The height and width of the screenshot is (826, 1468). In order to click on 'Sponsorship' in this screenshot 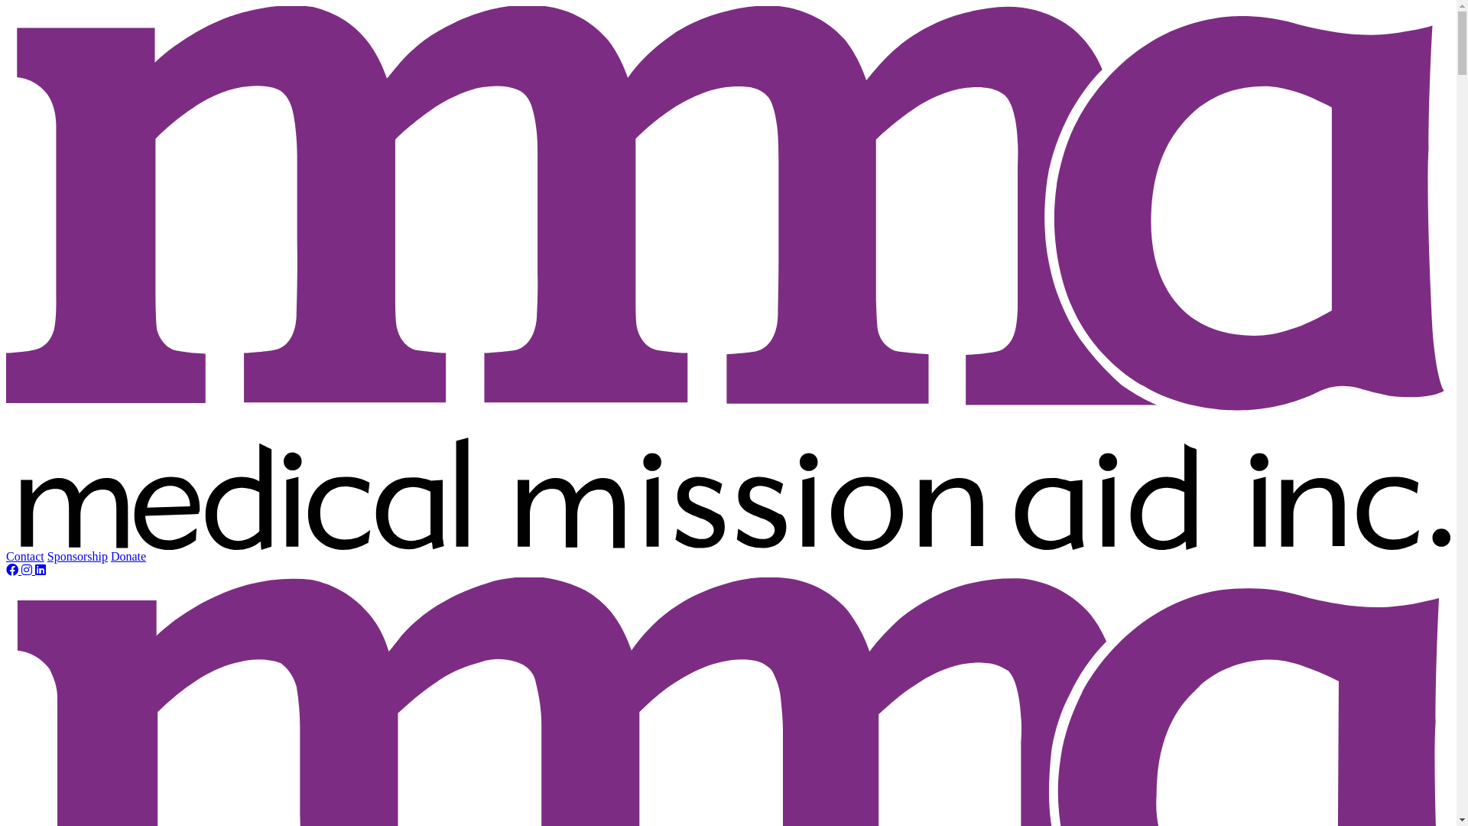, I will do `click(76, 556)`.